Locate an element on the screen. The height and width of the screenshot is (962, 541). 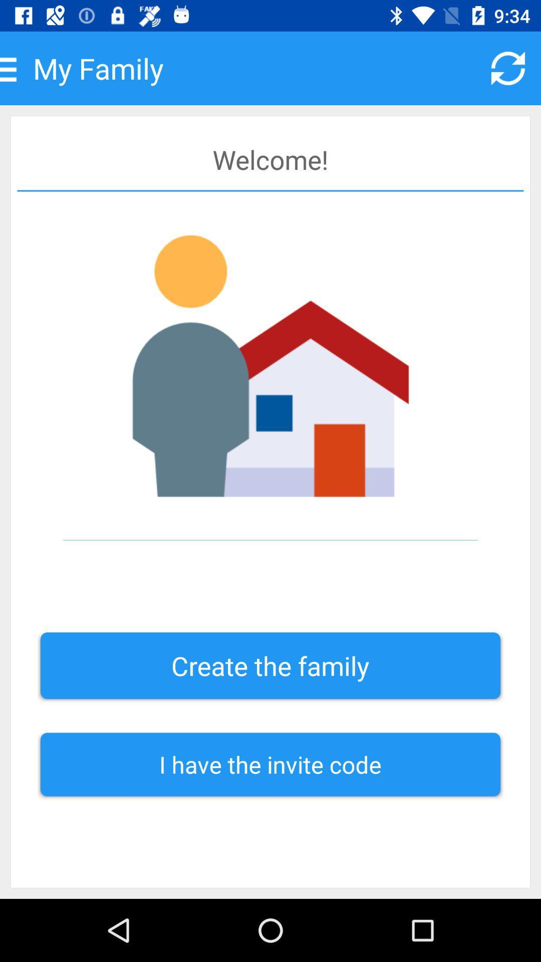
the item at the top right corner is located at coordinates (508, 68).